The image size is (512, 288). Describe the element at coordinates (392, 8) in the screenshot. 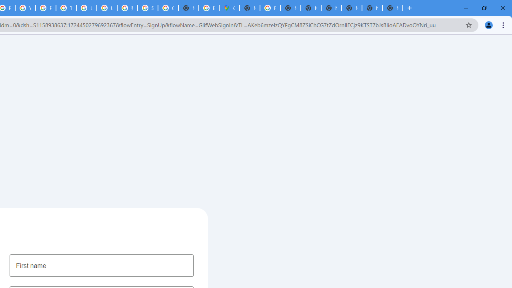

I see `'New Tab'` at that location.